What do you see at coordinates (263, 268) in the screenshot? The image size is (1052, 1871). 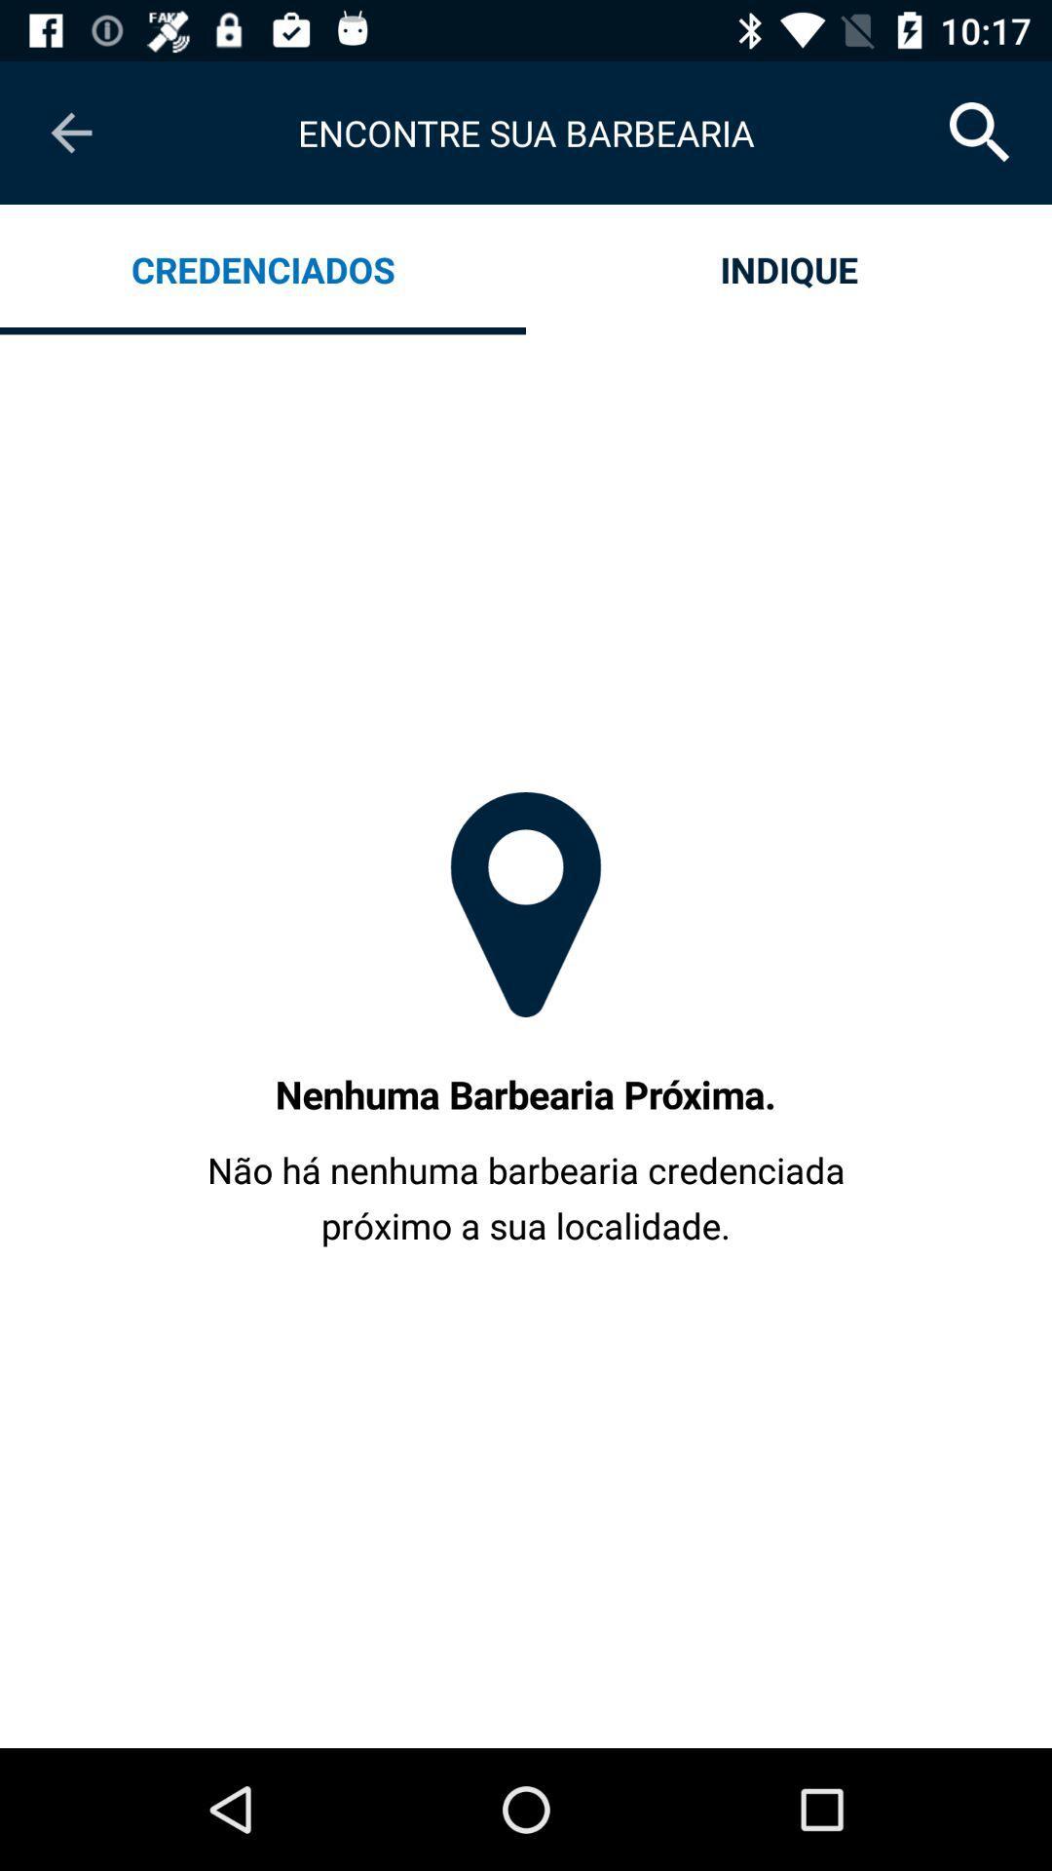 I see `credenciados item` at bounding box center [263, 268].